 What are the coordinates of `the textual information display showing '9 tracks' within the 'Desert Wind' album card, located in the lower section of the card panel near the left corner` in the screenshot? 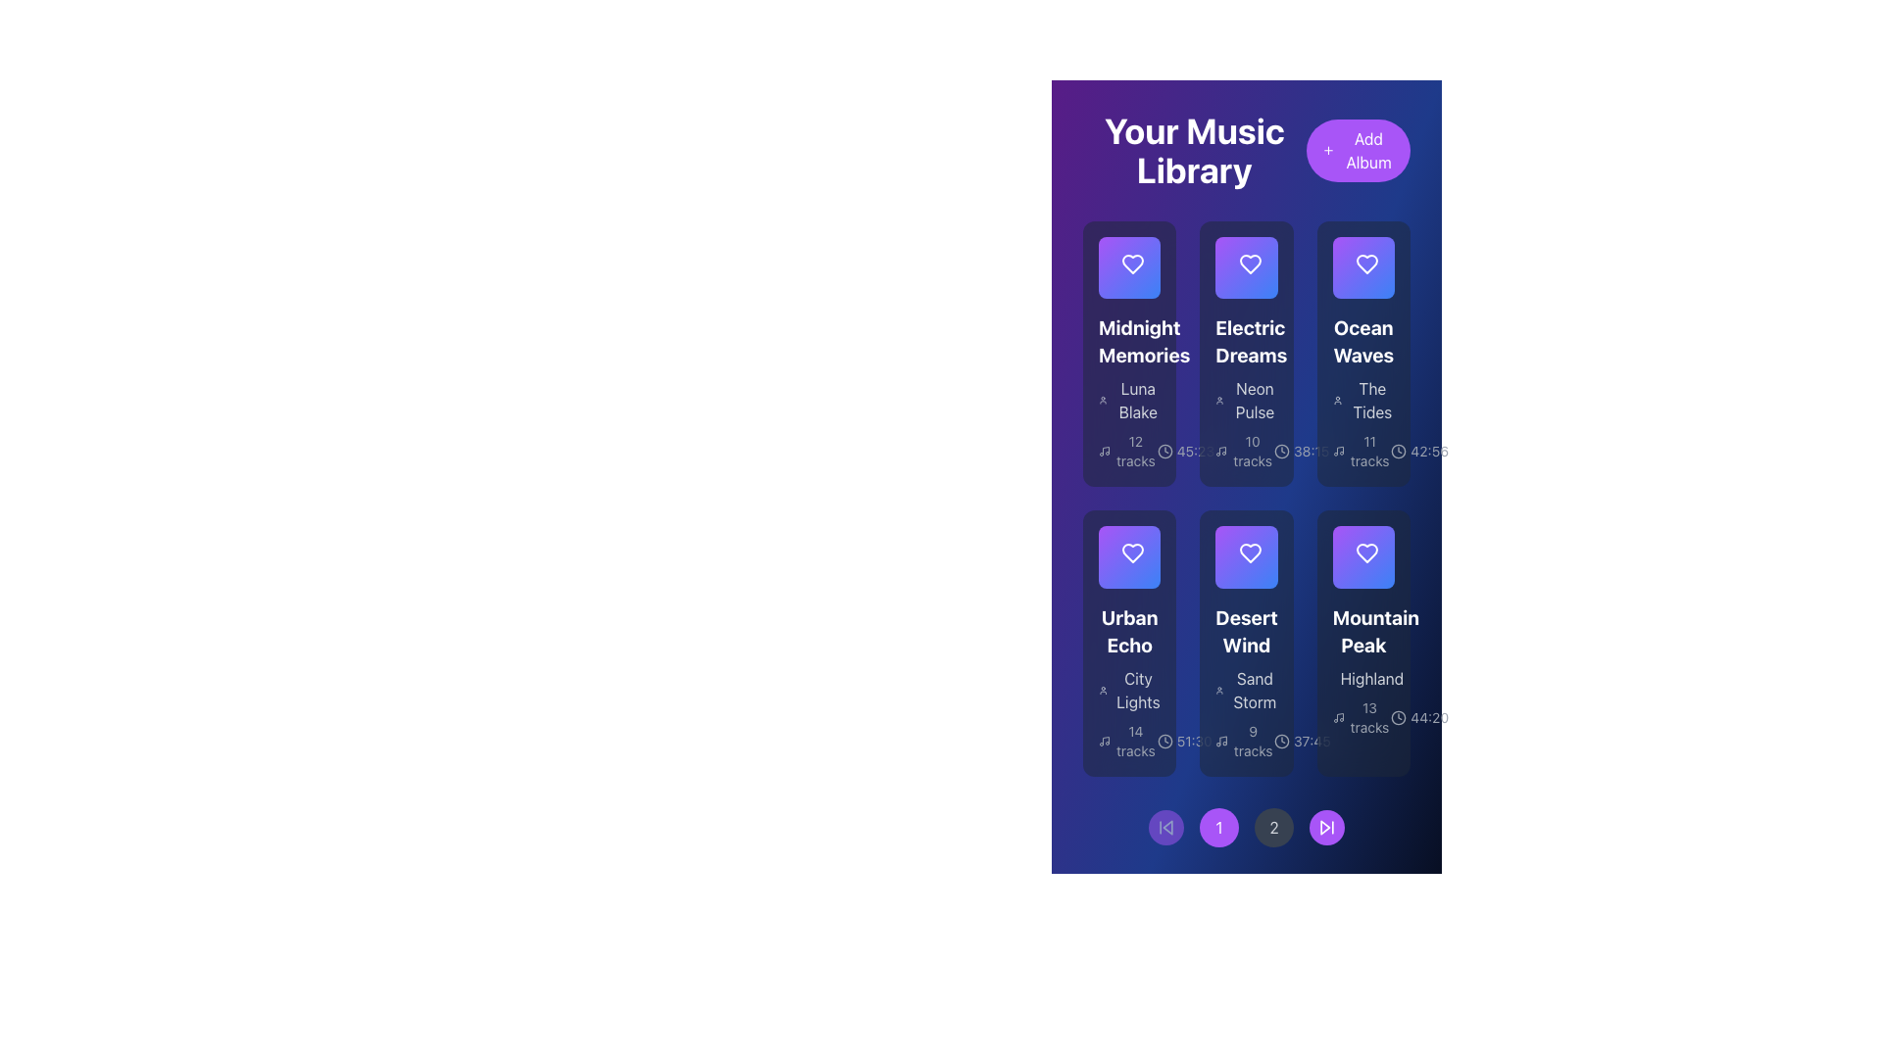 It's located at (1252, 741).